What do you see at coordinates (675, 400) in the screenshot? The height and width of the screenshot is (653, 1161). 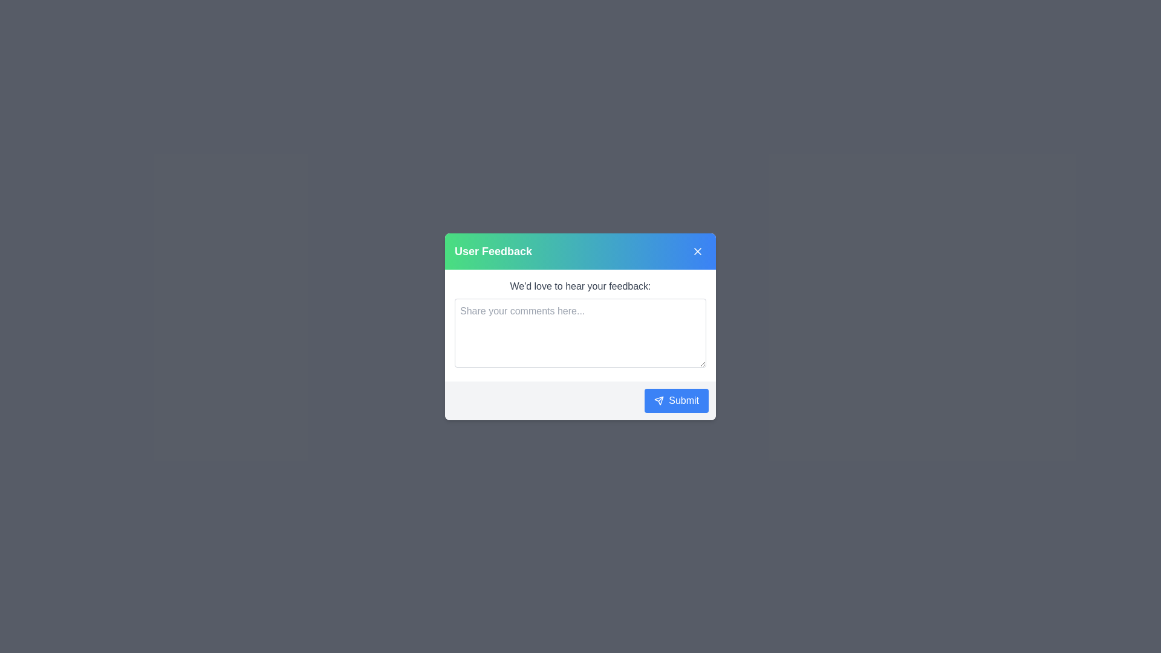 I see `the 'Submit' button with a blue background and paper plane icon located at the bottom right corner of the 'User Feedback' modal` at bounding box center [675, 400].